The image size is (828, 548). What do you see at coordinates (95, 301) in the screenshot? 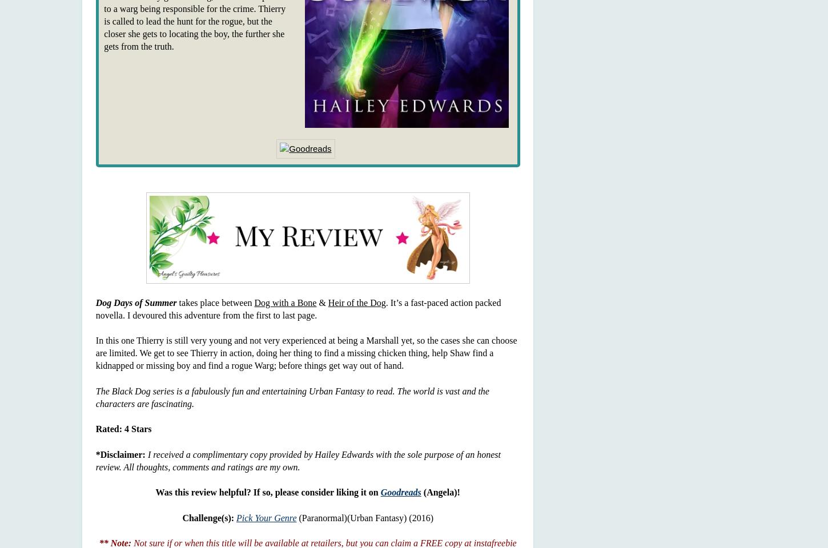
I see `'Dog Days of Summer'` at bounding box center [95, 301].